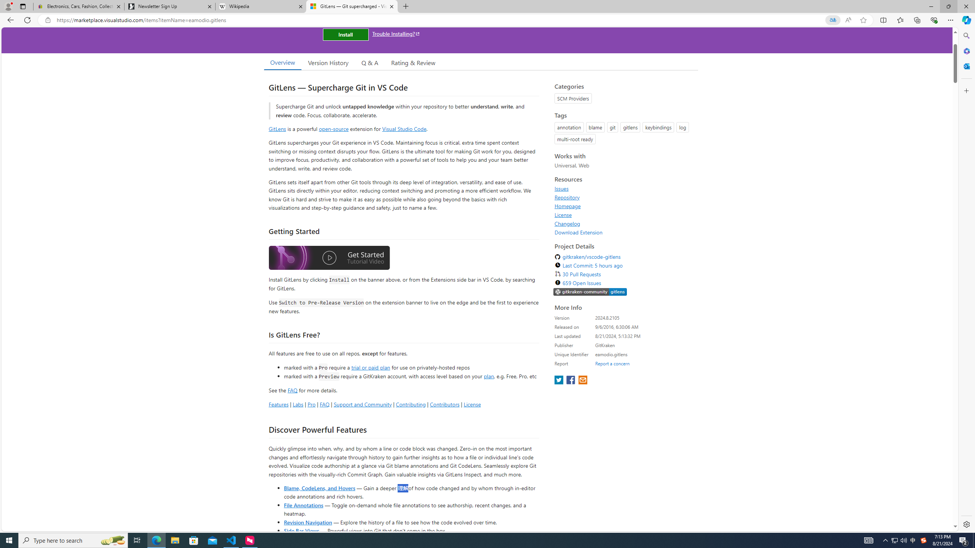 This screenshot has height=548, width=975. What do you see at coordinates (571, 380) in the screenshot?
I see `'share extension on facebook'` at bounding box center [571, 380].